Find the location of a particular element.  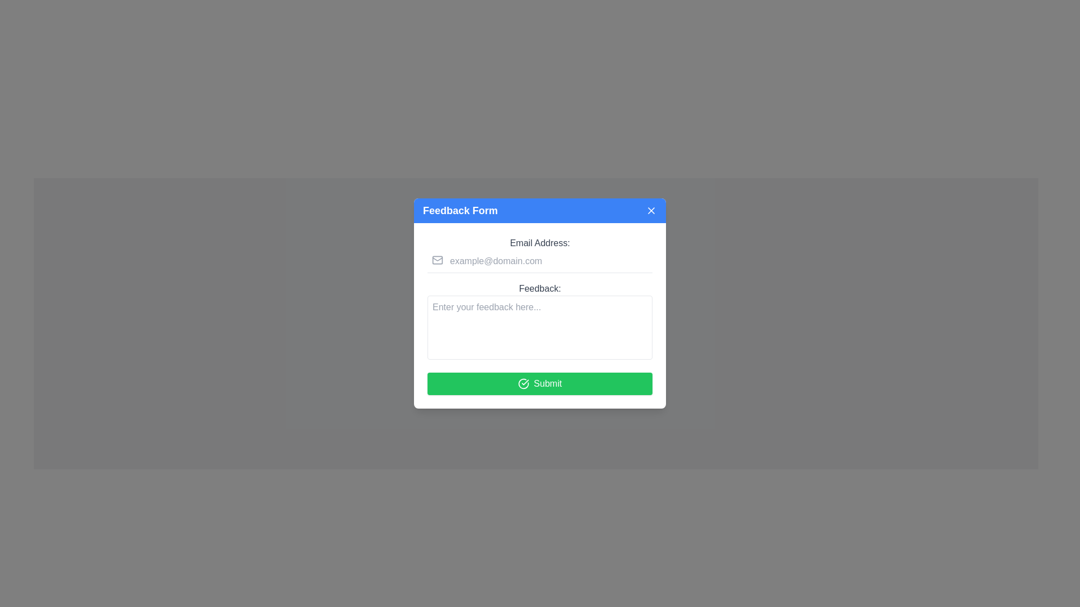

the close button (X icon) with a blue background located at the upper-right corner of the 'Feedback Form' header is located at coordinates (651, 210).